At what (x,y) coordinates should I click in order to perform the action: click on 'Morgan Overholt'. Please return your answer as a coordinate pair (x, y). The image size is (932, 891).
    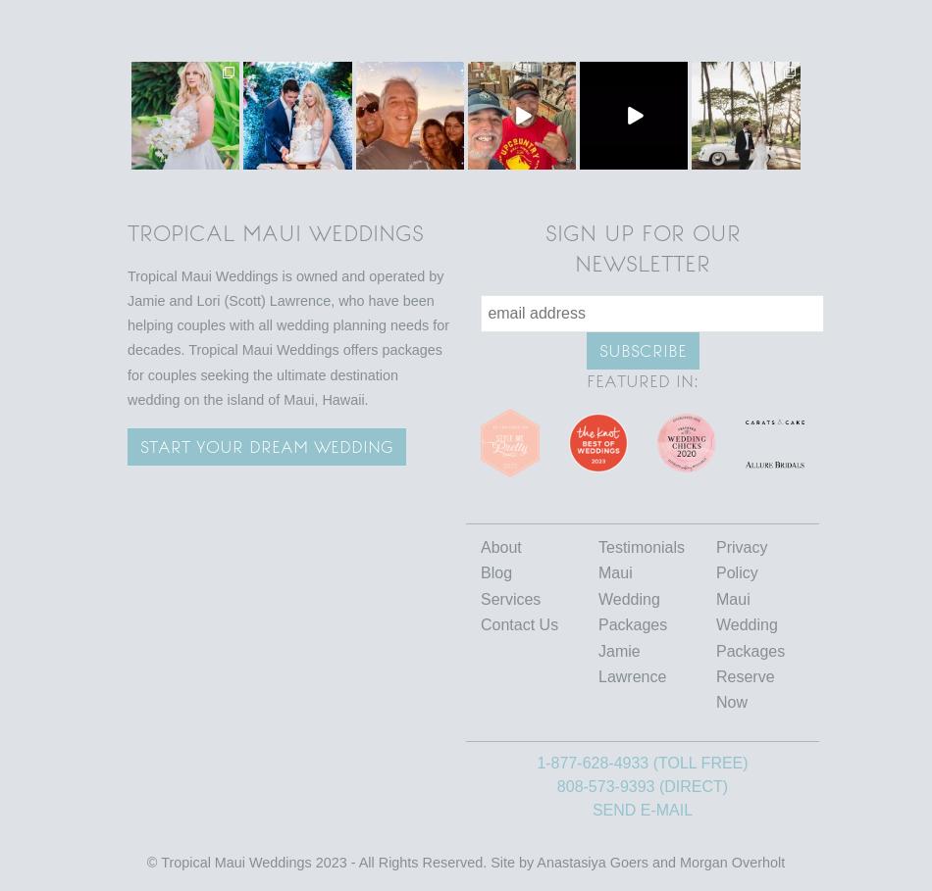
    Looking at the image, I should click on (731, 863).